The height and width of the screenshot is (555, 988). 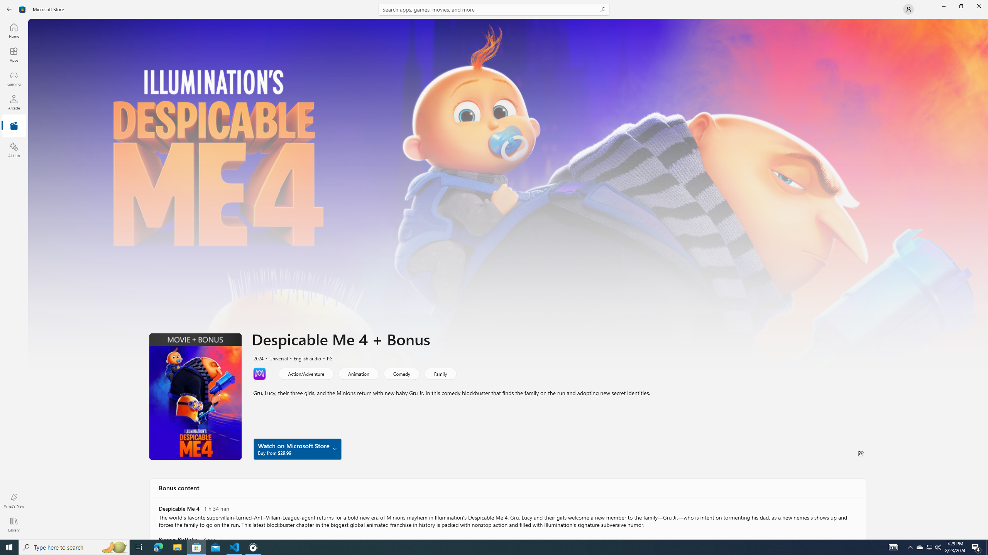 I want to click on 'Watch on Microsoft Store Buy from $29.99', so click(x=297, y=449).